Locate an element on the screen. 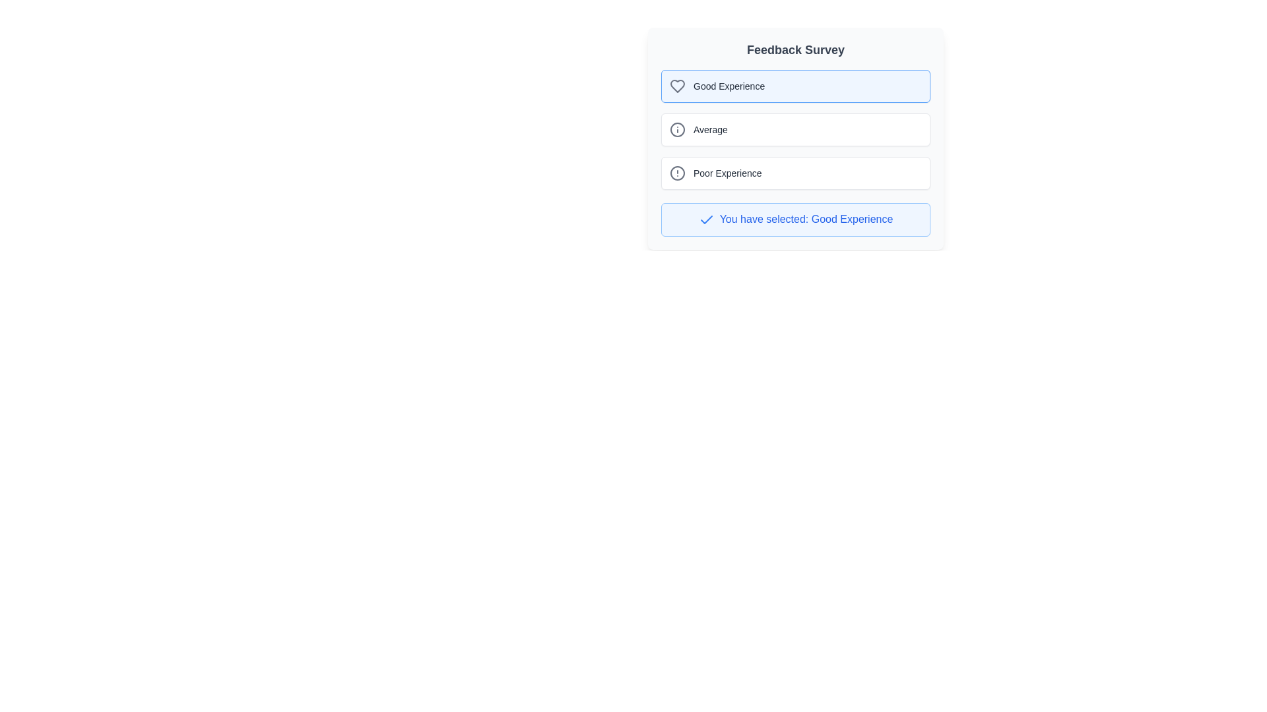 The height and width of the screenshot is (712, 1267). text block that displays 'You have selected: Good Experience', which is styled in blue with a bold font and located at the bottom of the feedback selection area is located at coordinates (806, 218).